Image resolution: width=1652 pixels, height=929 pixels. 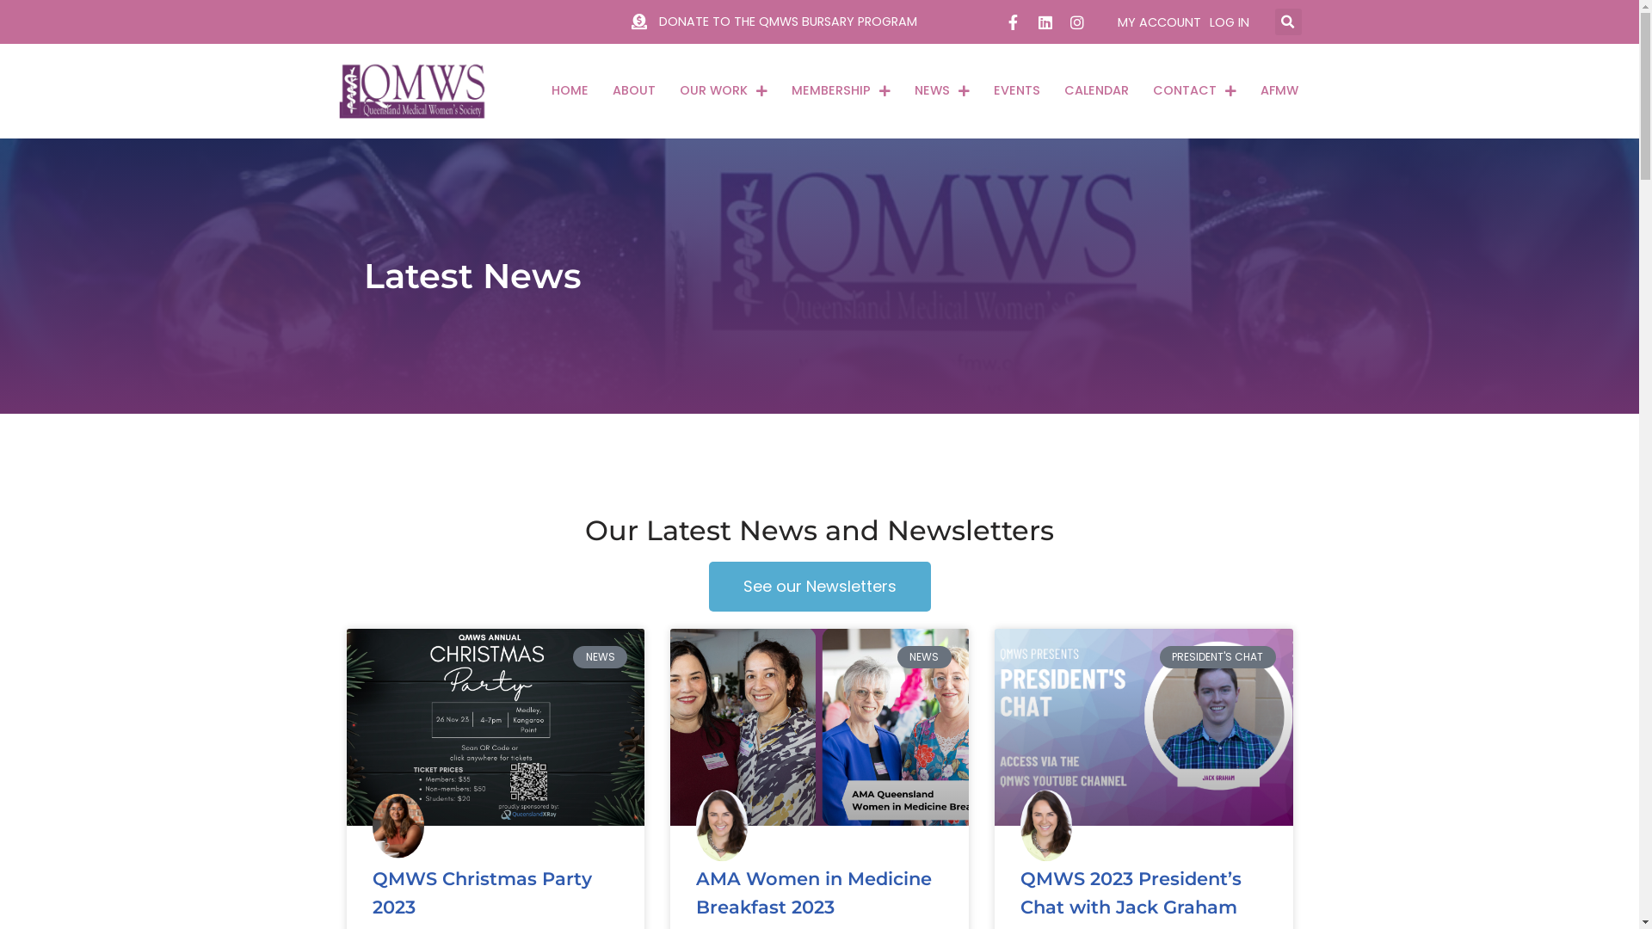 I want to click on 'MY ACCOUNT', so click(x=1158, y=22).